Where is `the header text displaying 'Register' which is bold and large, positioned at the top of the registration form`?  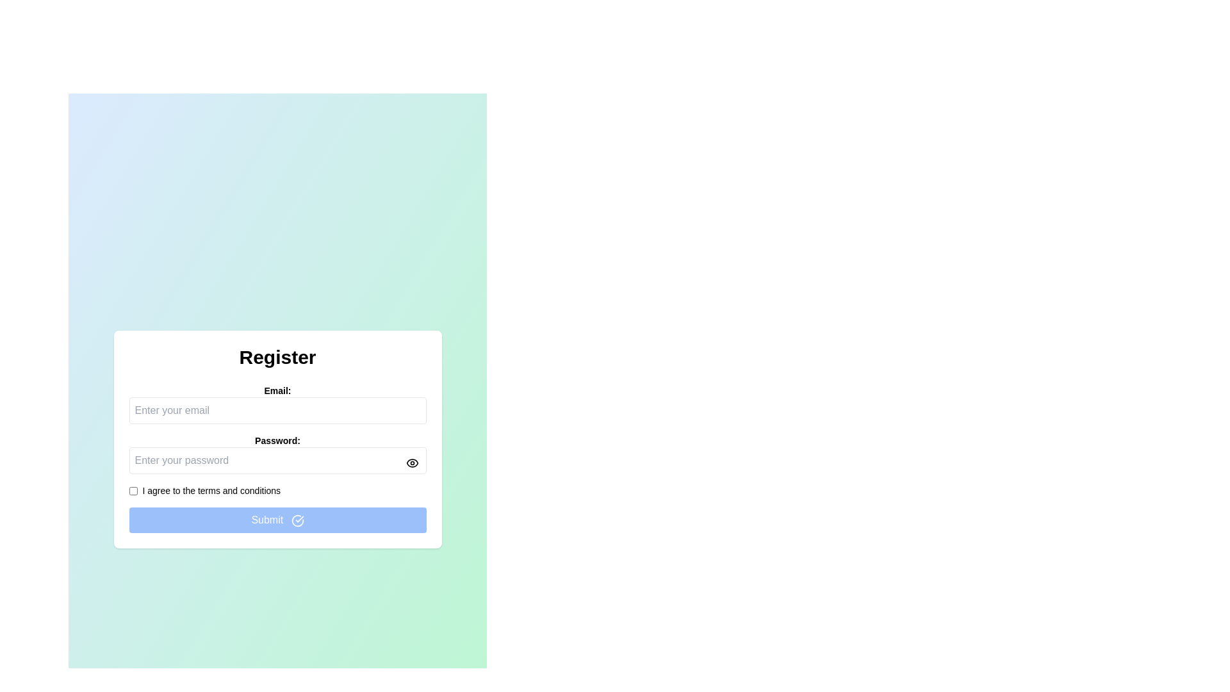 the header text displaying 'Register' which is bold and large, positioned at the top of the registration form is located at coordinates (277, 358).